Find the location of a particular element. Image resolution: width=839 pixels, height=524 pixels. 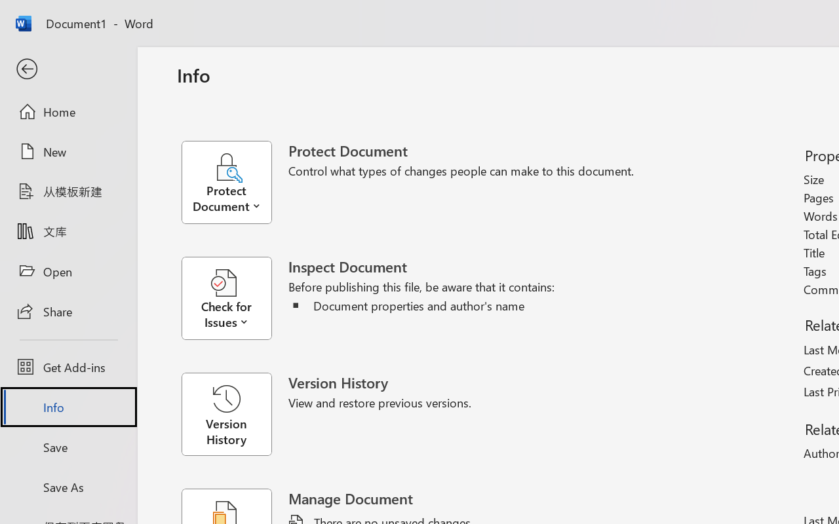

'Info' is located at coordinates (68, 407).